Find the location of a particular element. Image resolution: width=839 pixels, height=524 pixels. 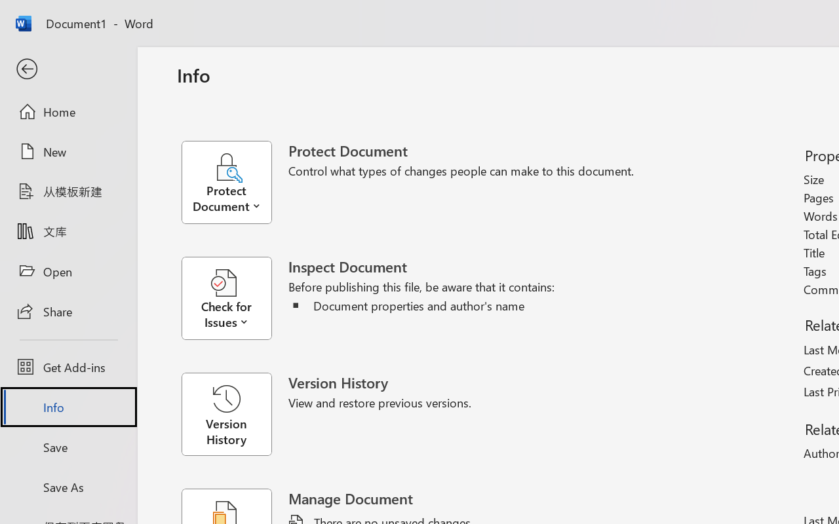

'Info' is located at coordinates (68, 407).